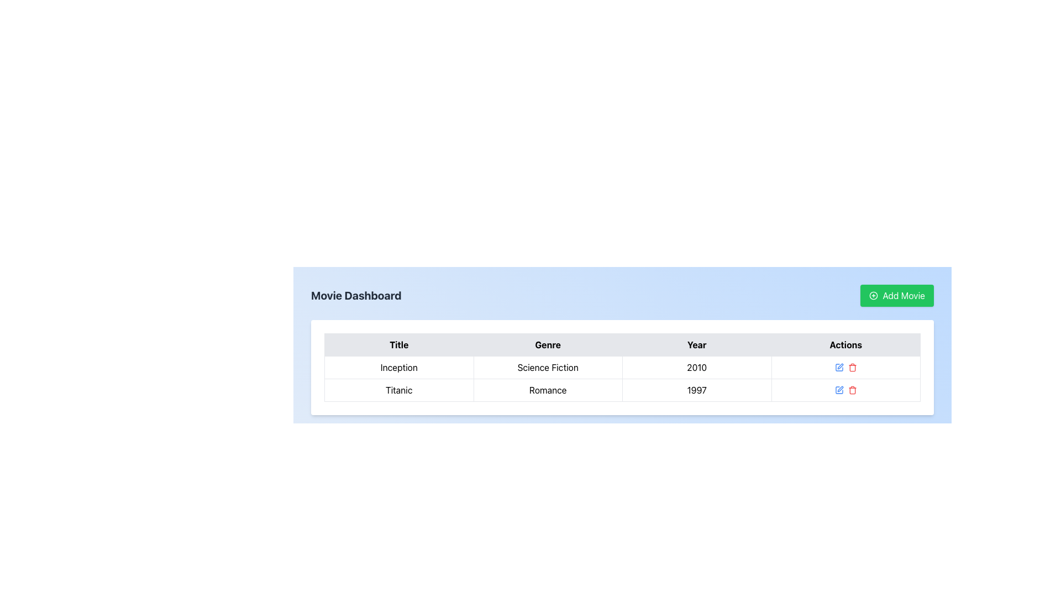  What do you see at coordinates (696, 367) in the screenshot?
I see `the text label displaying the release year of the movie 'Inception' in the data table, which is located in the cell of the 'Year' column, following 'Science Fiction' and preceding 'Actions'` at bounding box center [696, 367].